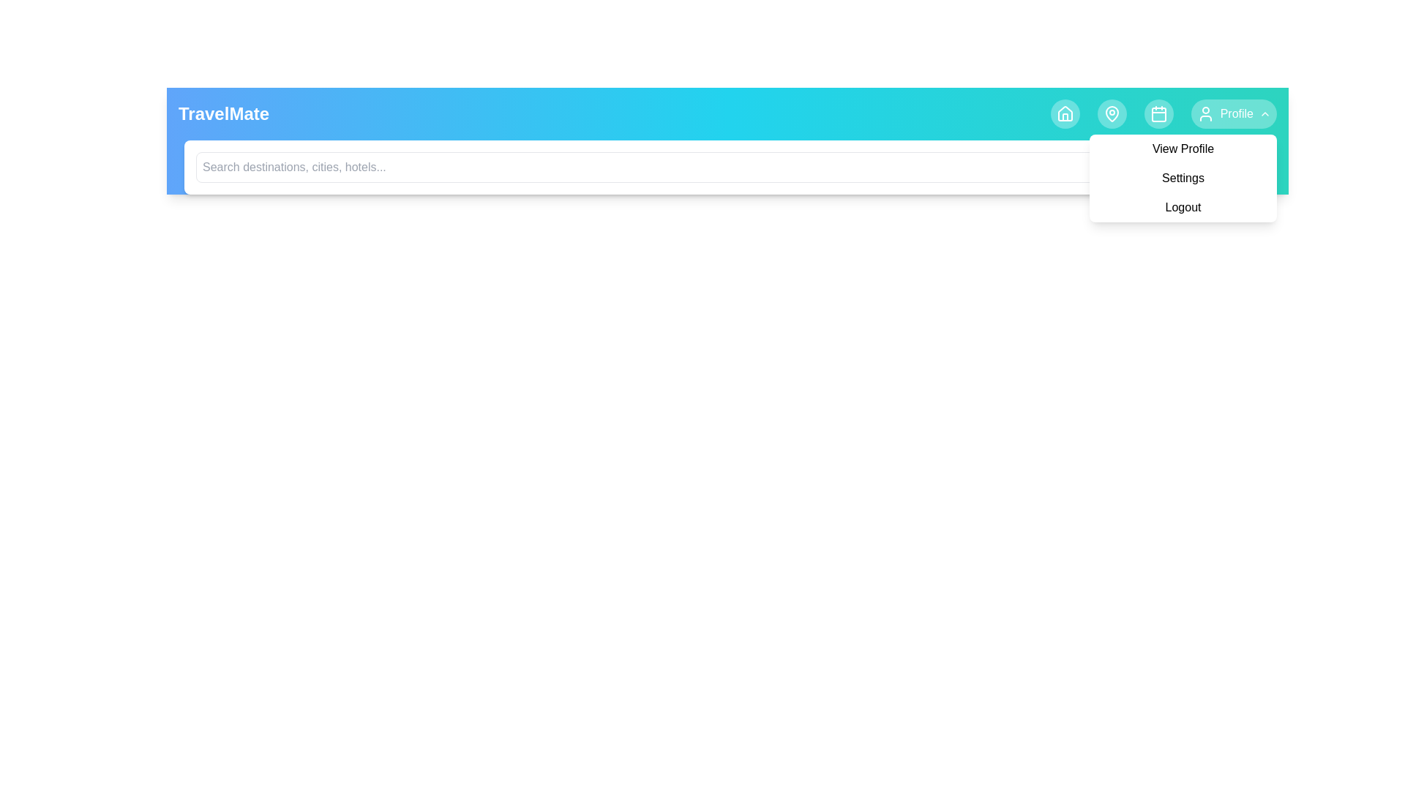  I want to click on the Calendar navigation icon, so click(1158, 113).